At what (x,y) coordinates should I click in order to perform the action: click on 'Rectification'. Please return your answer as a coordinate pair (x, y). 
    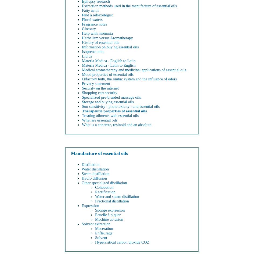
    Looking at the image, I should click on (95, 192).